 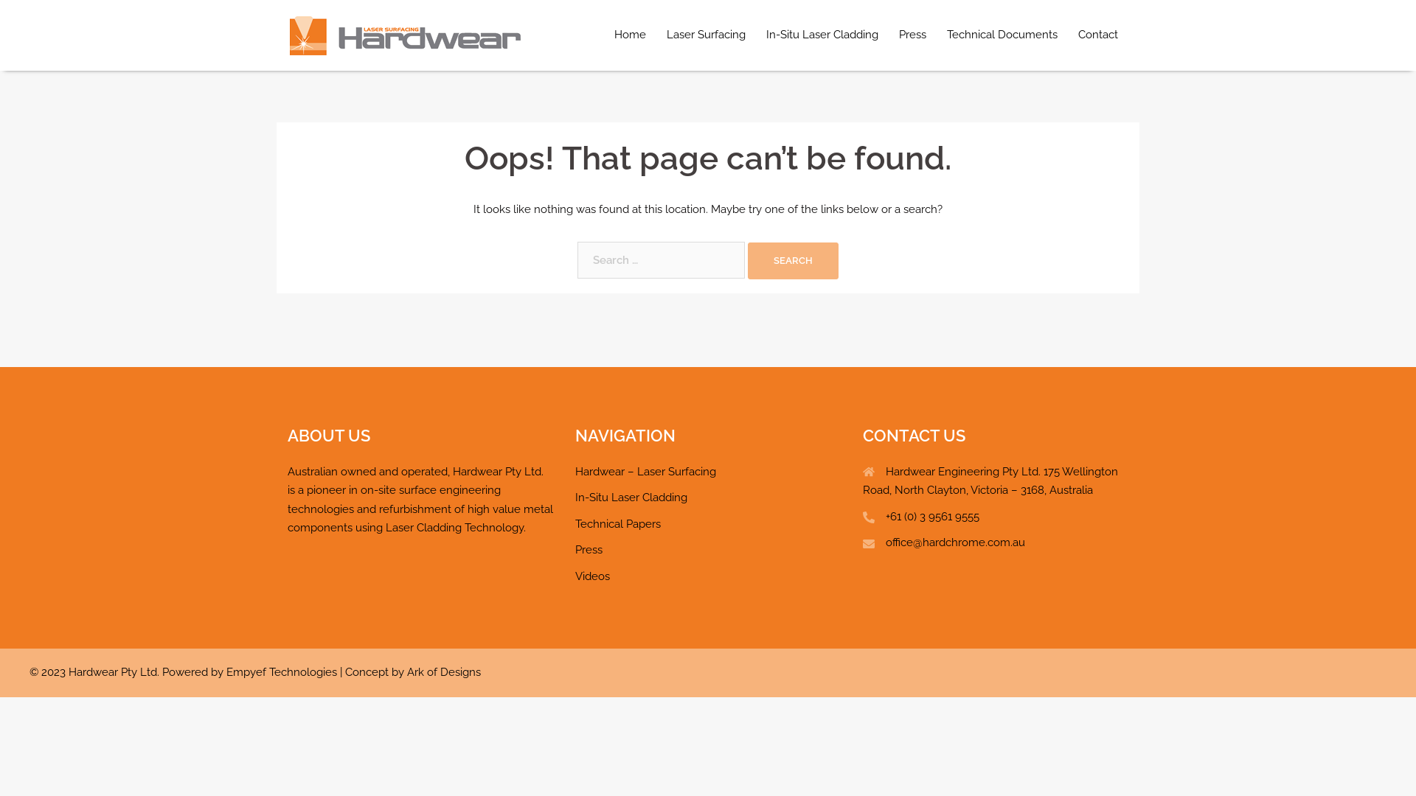 I want to click on 'Press', so click(x=588, y=549).